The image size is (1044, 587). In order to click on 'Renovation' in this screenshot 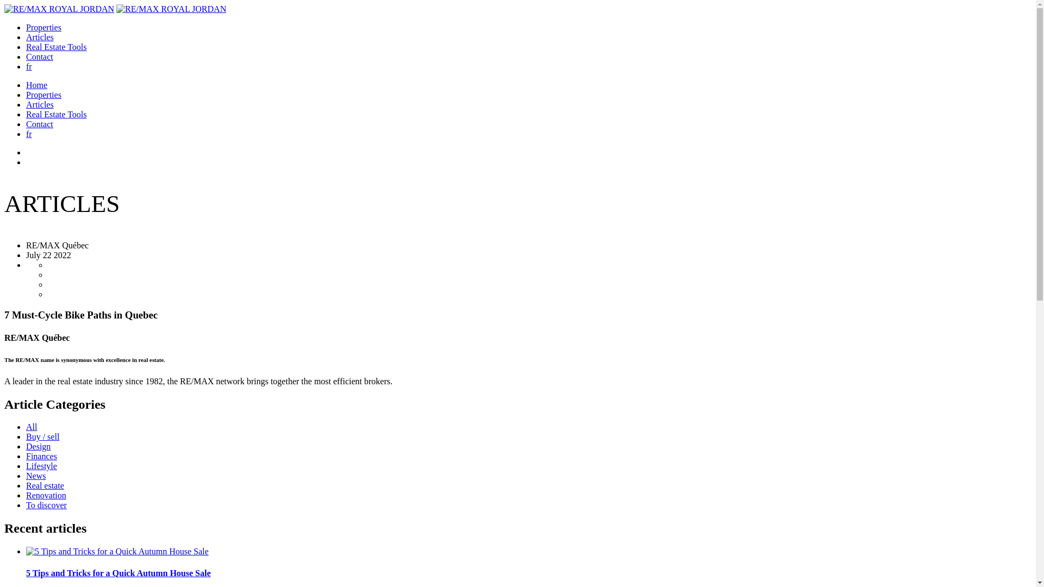, I will do `click(46, 495)`.